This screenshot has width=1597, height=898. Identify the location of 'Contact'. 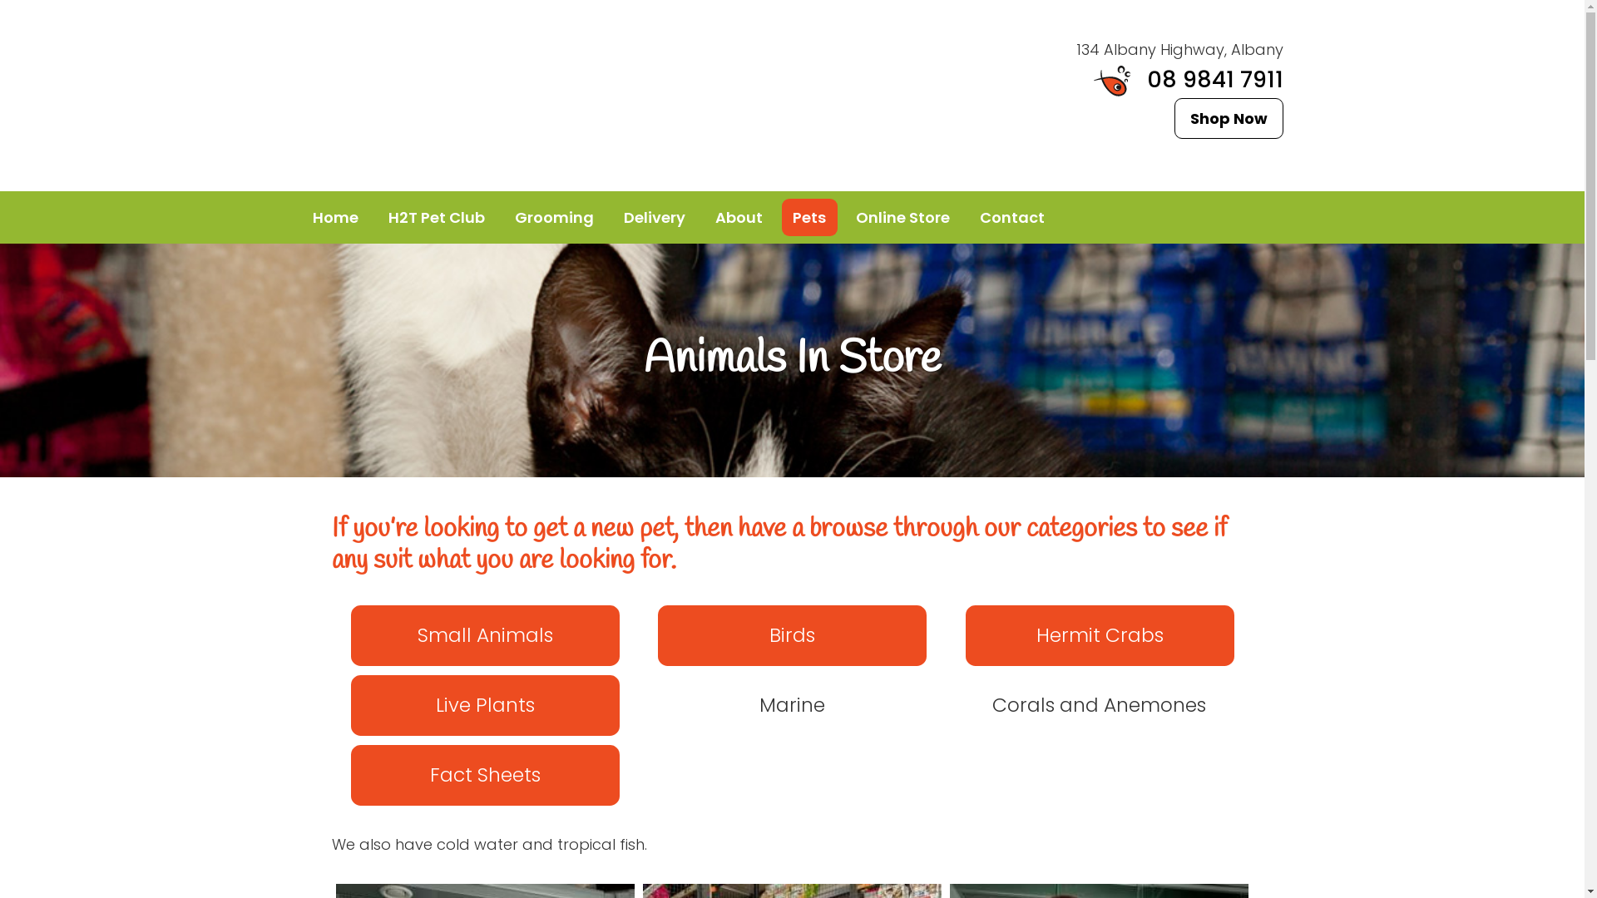
(1011, 216).